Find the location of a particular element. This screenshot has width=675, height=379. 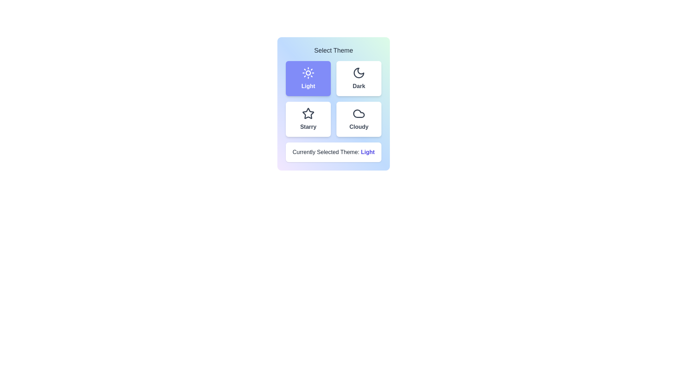

the theme button corresponding to Light is located at coordinates (308, 78).